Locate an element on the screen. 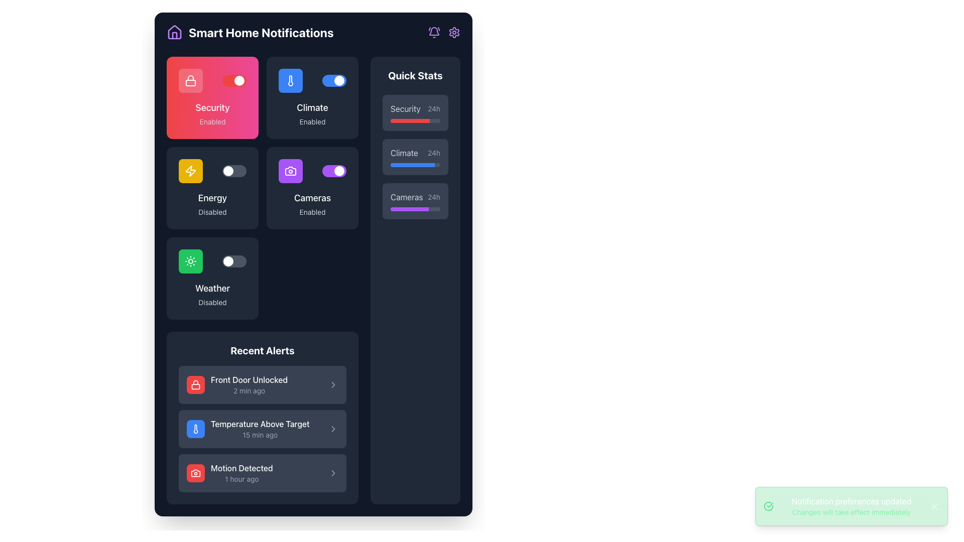 The width and height of the screenshot is (964, 542). the 'Cameras 24h' label, which displays the text in gray with 'Cameras' capitalized and is located above the purple progress bar in the 'Quick Stats' section is located at coordinates (415, 197).